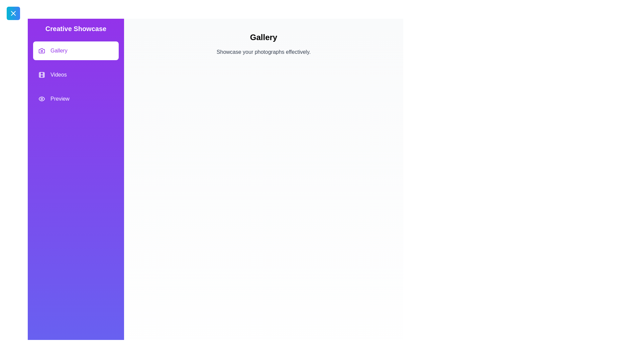  What do you see at coordinates (13, 13) in the screenshot?
I see `the toggle button at the top-left corner to close the drawer` at bounding box center [13, 13].